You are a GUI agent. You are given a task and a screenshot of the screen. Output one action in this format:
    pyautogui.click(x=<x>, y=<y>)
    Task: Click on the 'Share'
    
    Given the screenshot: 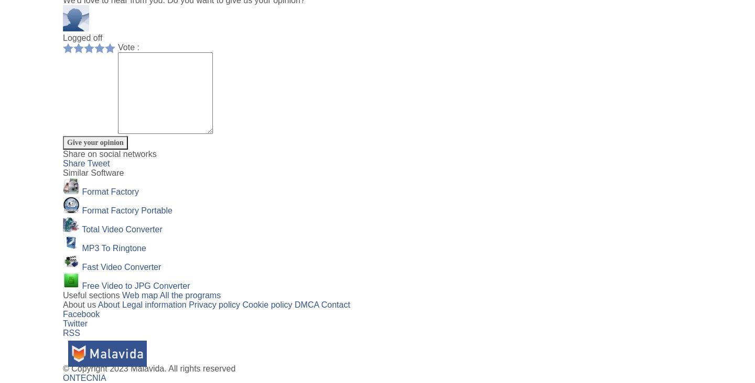 What is the action you would take?
    pyautogui.click(x=74, y=163)
    